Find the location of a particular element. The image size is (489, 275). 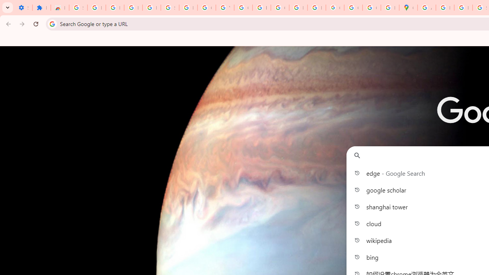

'Reviews: Helix Fruit Jump Arcade Game' is located at coordinates (59, 8).